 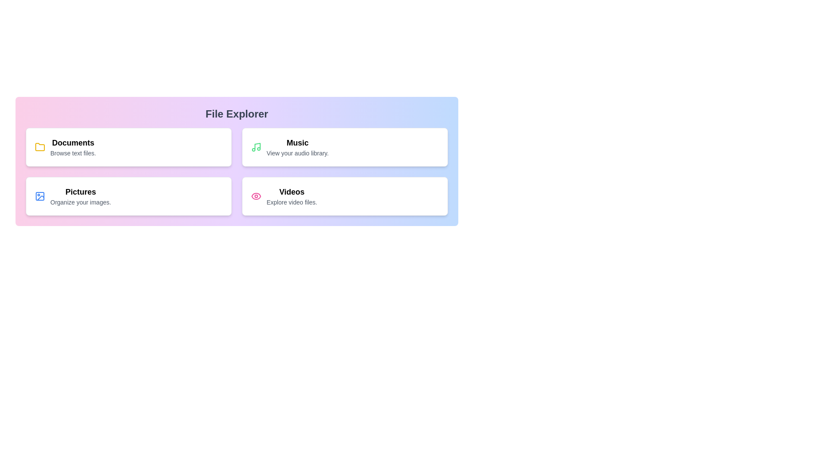 What do you see at coordinates (345, 147) in the screenshot?
I see `the menu item Music to highlight it` at bounding box center [345, 147].